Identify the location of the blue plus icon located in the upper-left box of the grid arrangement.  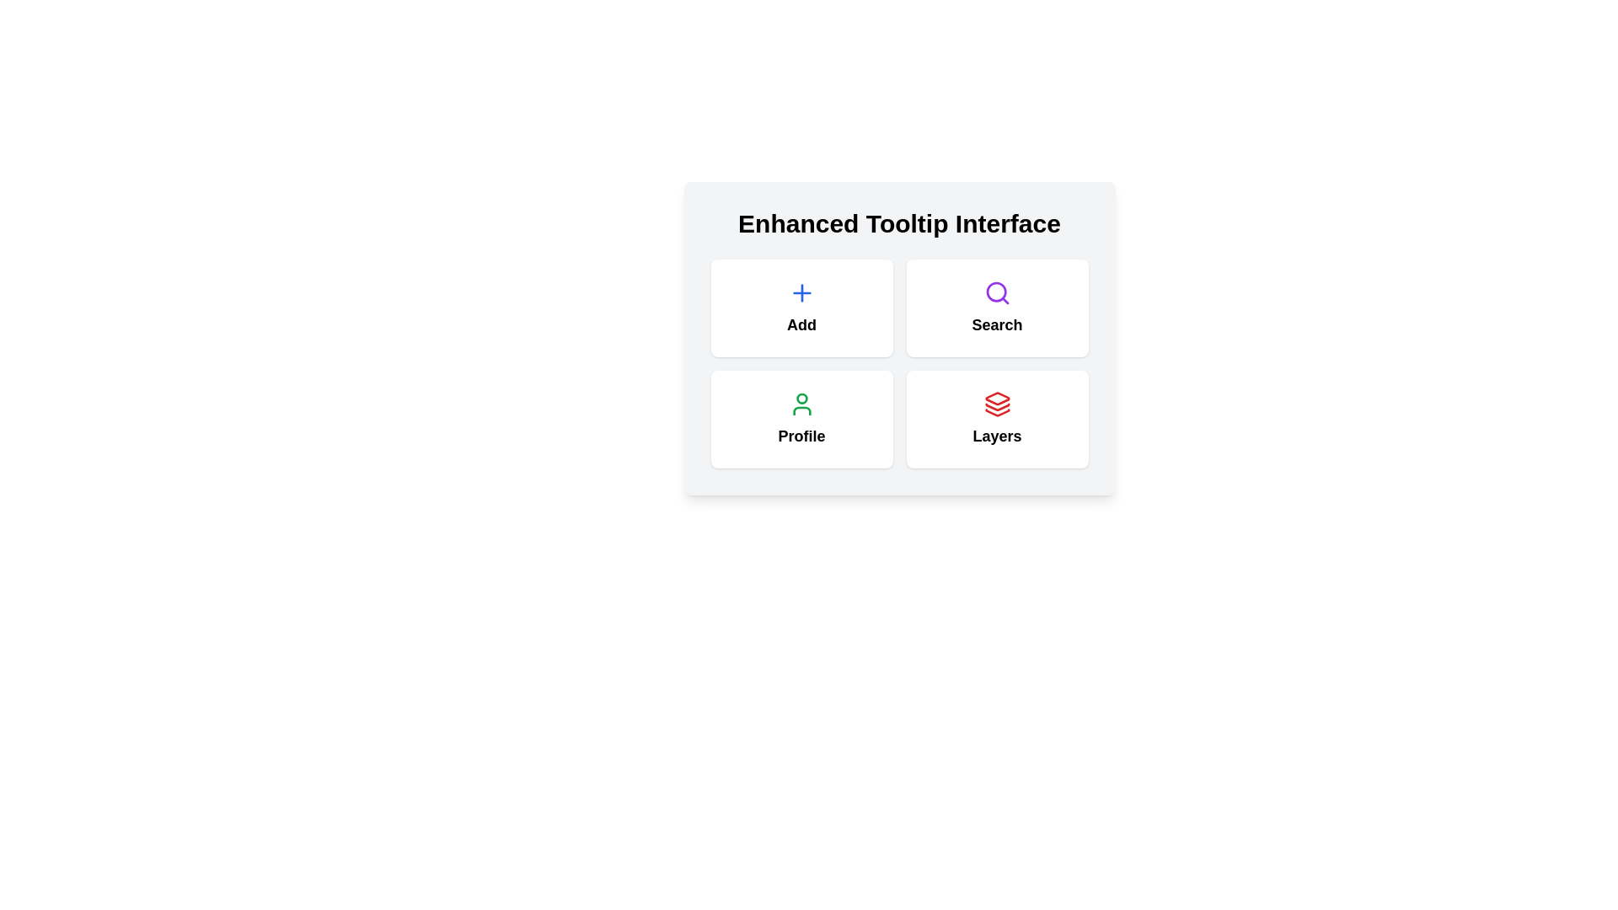
(801, 292).